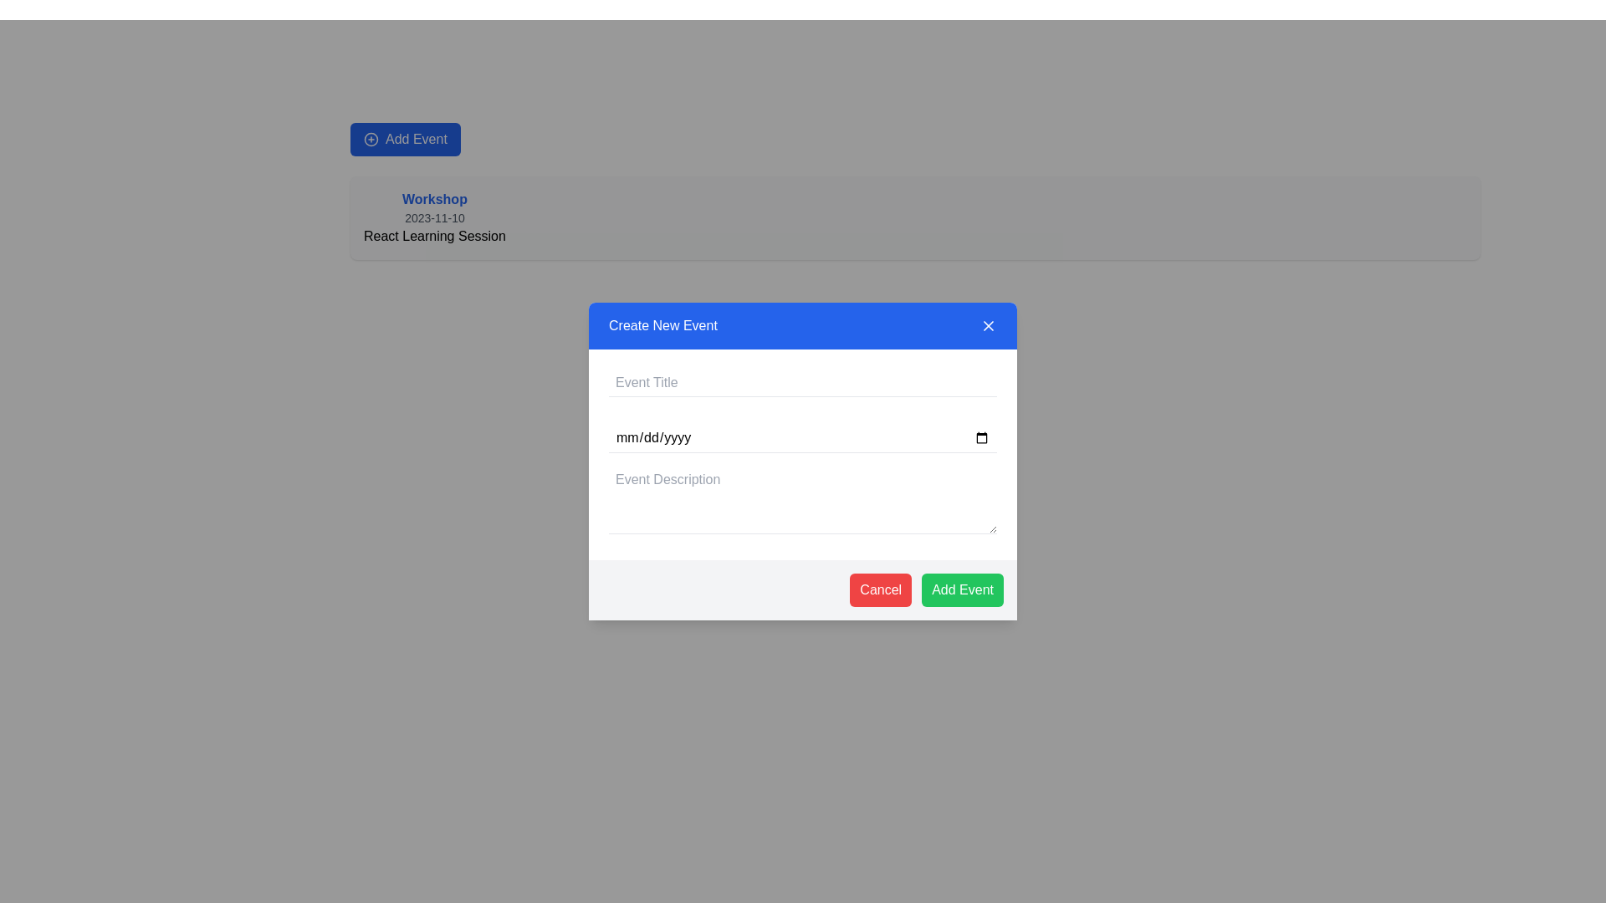  I want to click on the leftmost button in the footer of the modal dialog that functions as a cancel action control, so click(880, 589).